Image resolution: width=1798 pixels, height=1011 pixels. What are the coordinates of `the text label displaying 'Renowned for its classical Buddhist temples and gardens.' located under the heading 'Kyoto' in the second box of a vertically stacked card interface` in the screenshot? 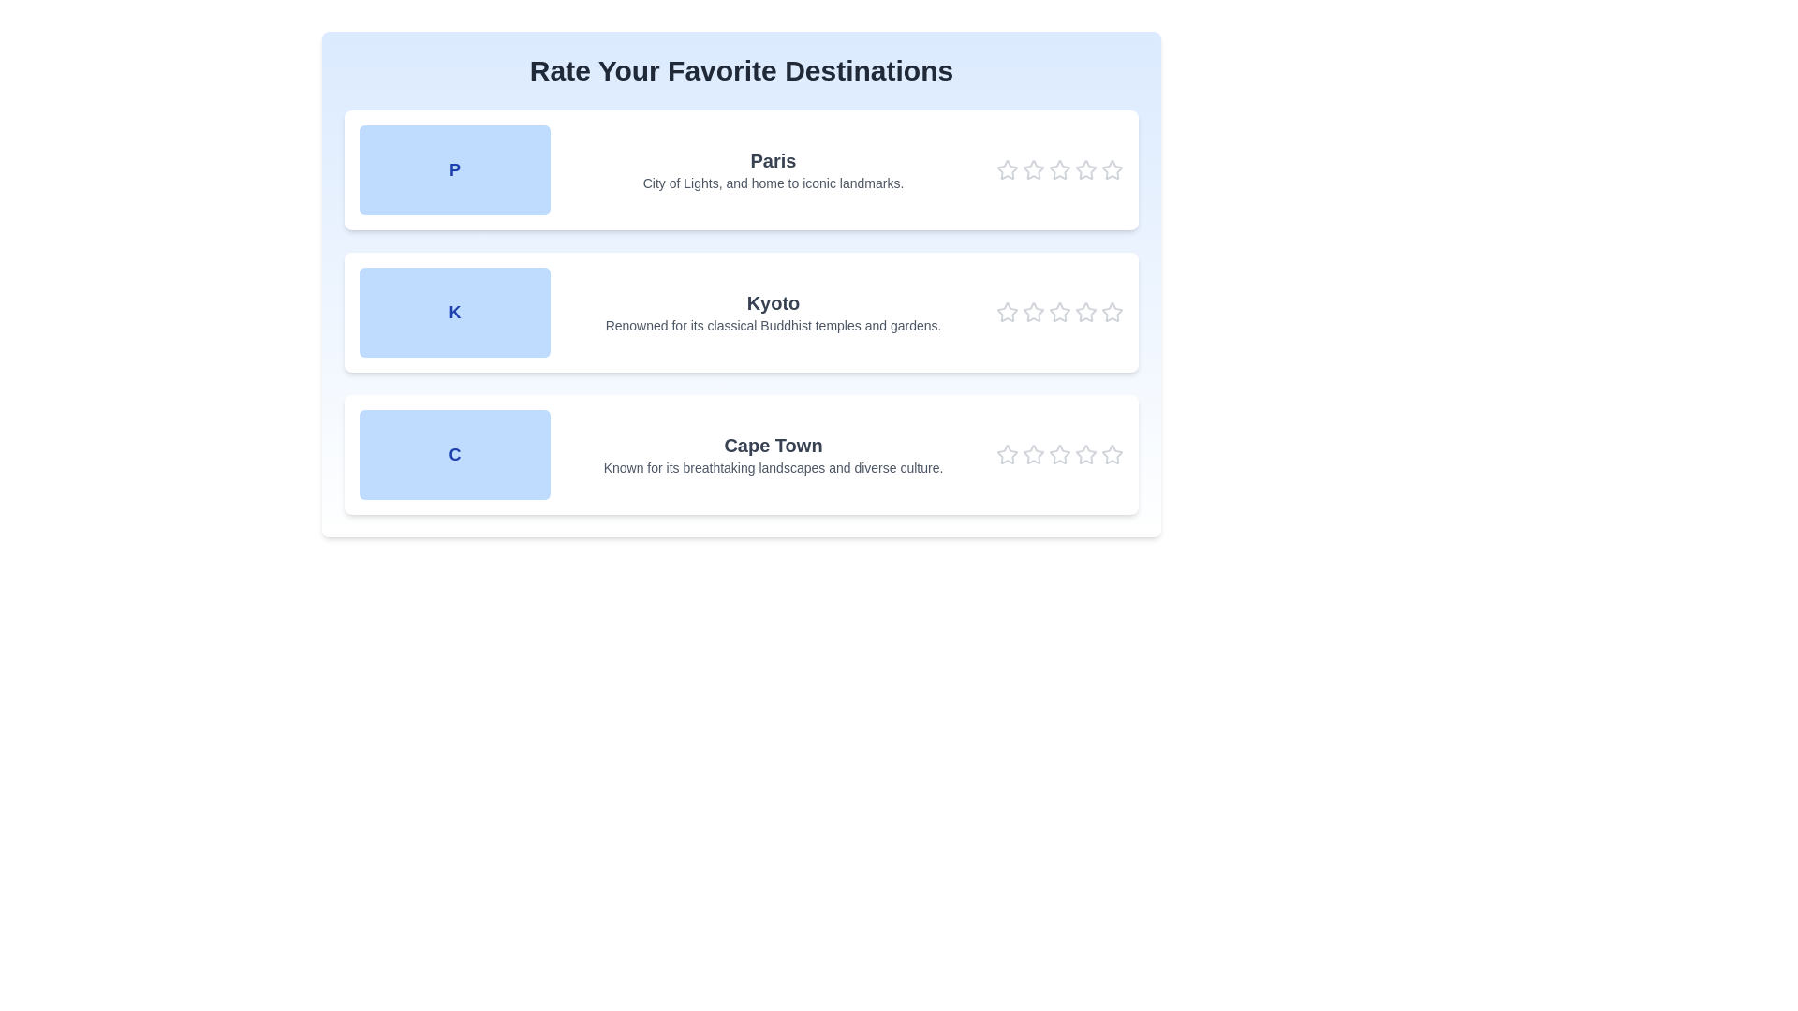 It's located at (773, 324).